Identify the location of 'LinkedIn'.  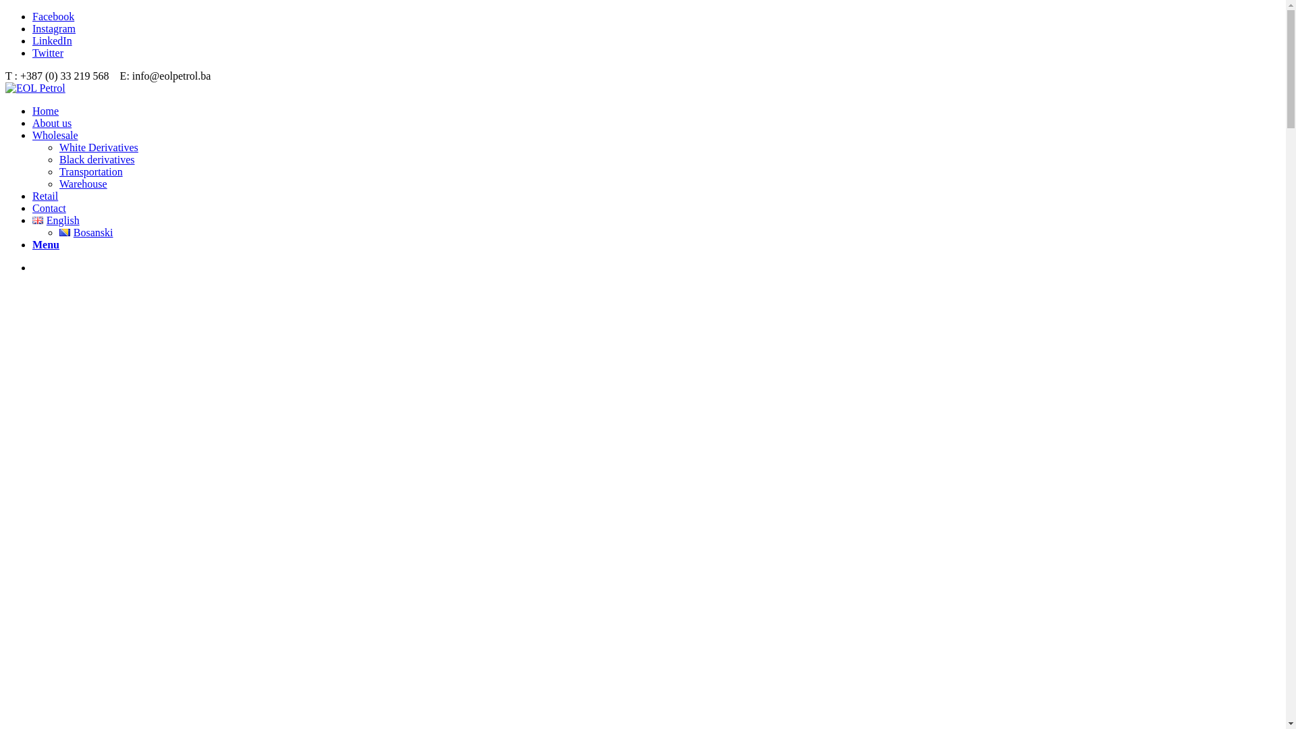
(32, 40).